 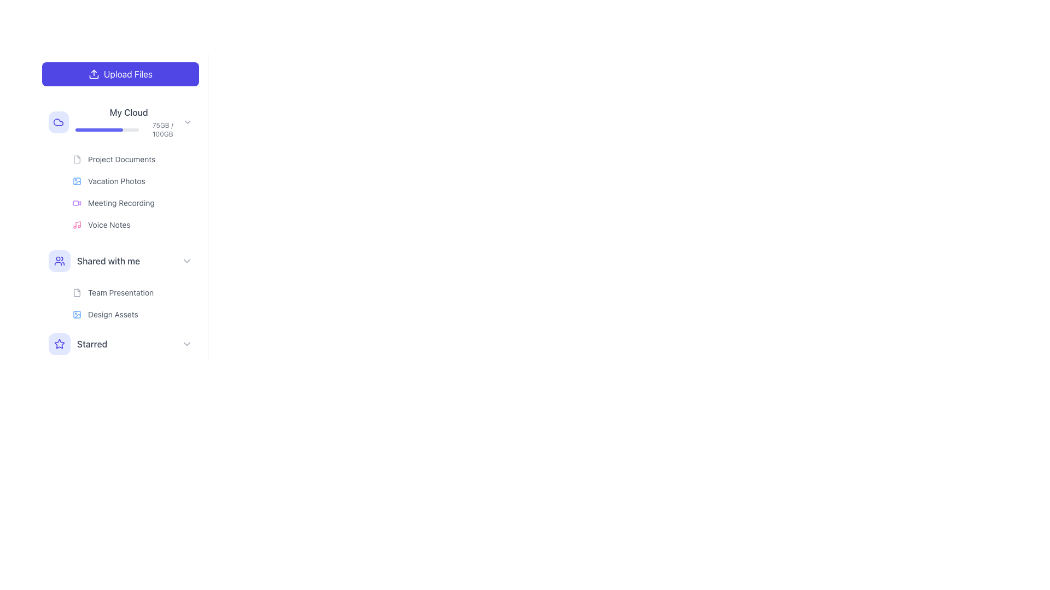 I want to click on the 'Vacation Photos' text label in the vertical navigation menu under the 'My Cloud' section, so click(x=116, y=180).